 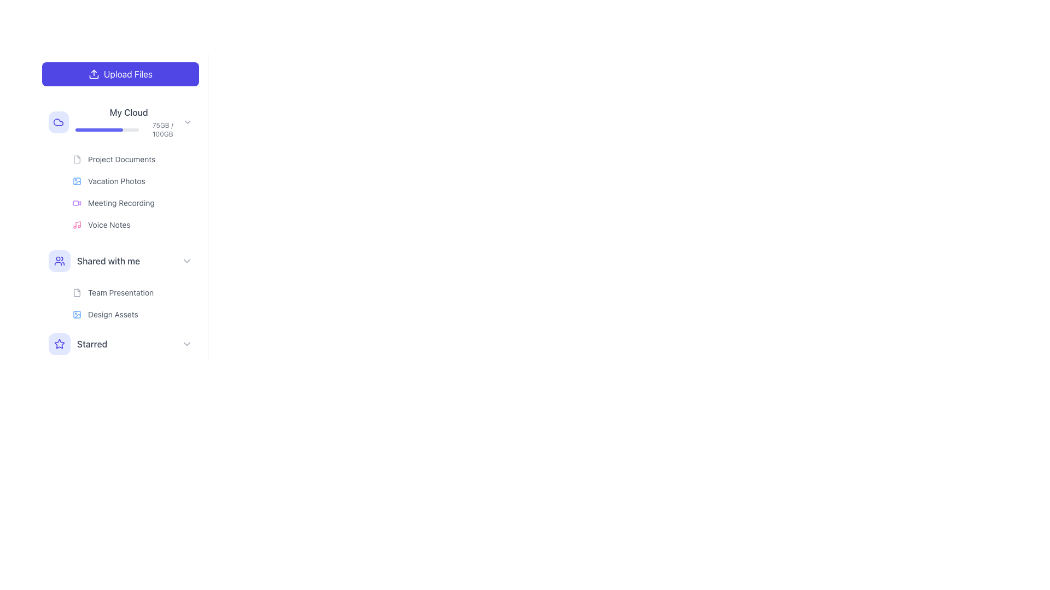 I want to click on the 'Vacation Photos' text label in the vertical navigation menu under the 'My Cloud' section, so click(x=116, y=180).